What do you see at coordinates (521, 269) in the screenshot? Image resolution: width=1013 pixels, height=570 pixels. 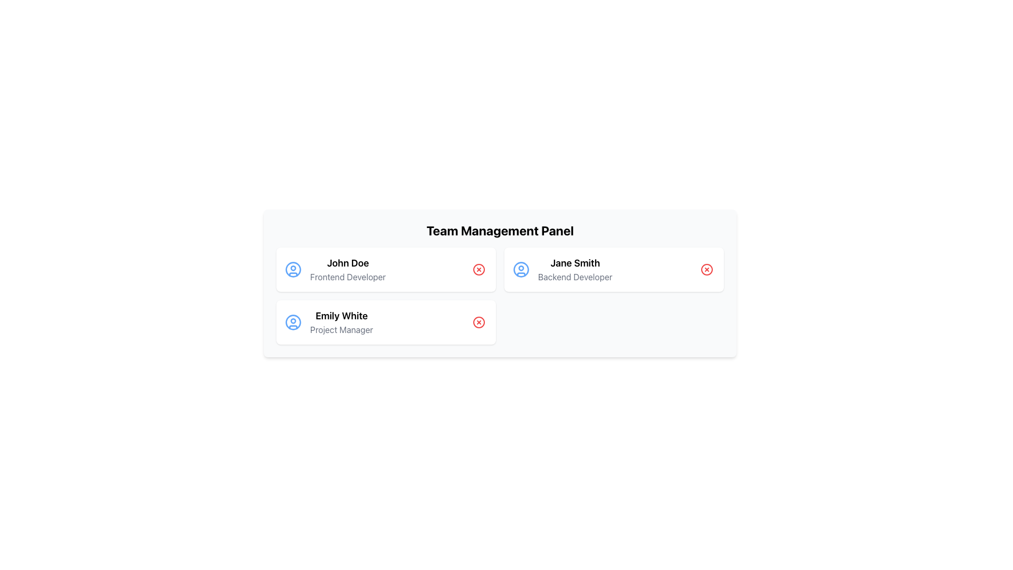 I see `the user avatar icon representing 'Jane Smith' located in the upper-right card of the 'Team Management Panel'` at bounding box center [521, 269].